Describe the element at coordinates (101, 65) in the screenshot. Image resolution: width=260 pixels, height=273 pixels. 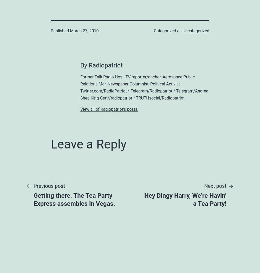
I see `'By Radiopatriot'` at that location.